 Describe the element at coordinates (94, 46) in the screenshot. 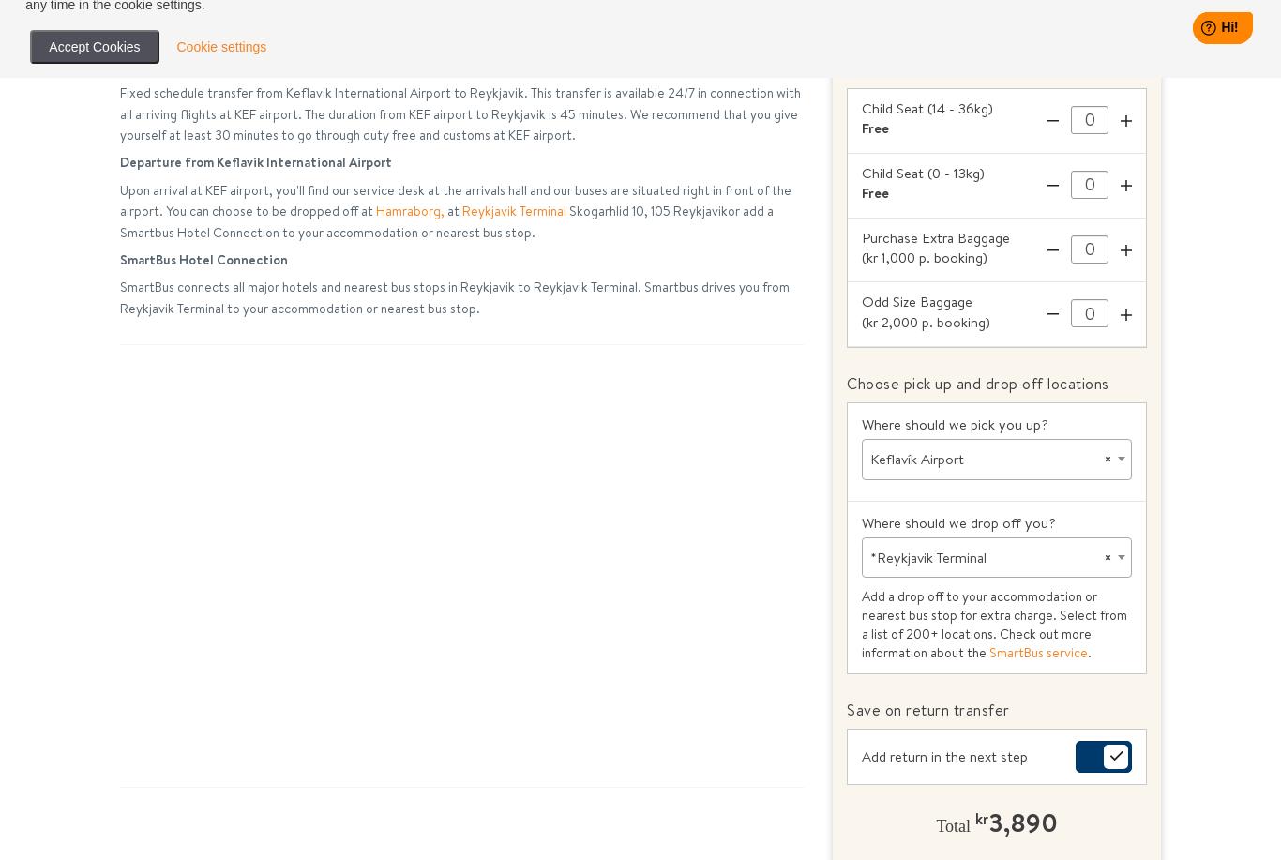

I see `'Accept Cookies'` at that location.